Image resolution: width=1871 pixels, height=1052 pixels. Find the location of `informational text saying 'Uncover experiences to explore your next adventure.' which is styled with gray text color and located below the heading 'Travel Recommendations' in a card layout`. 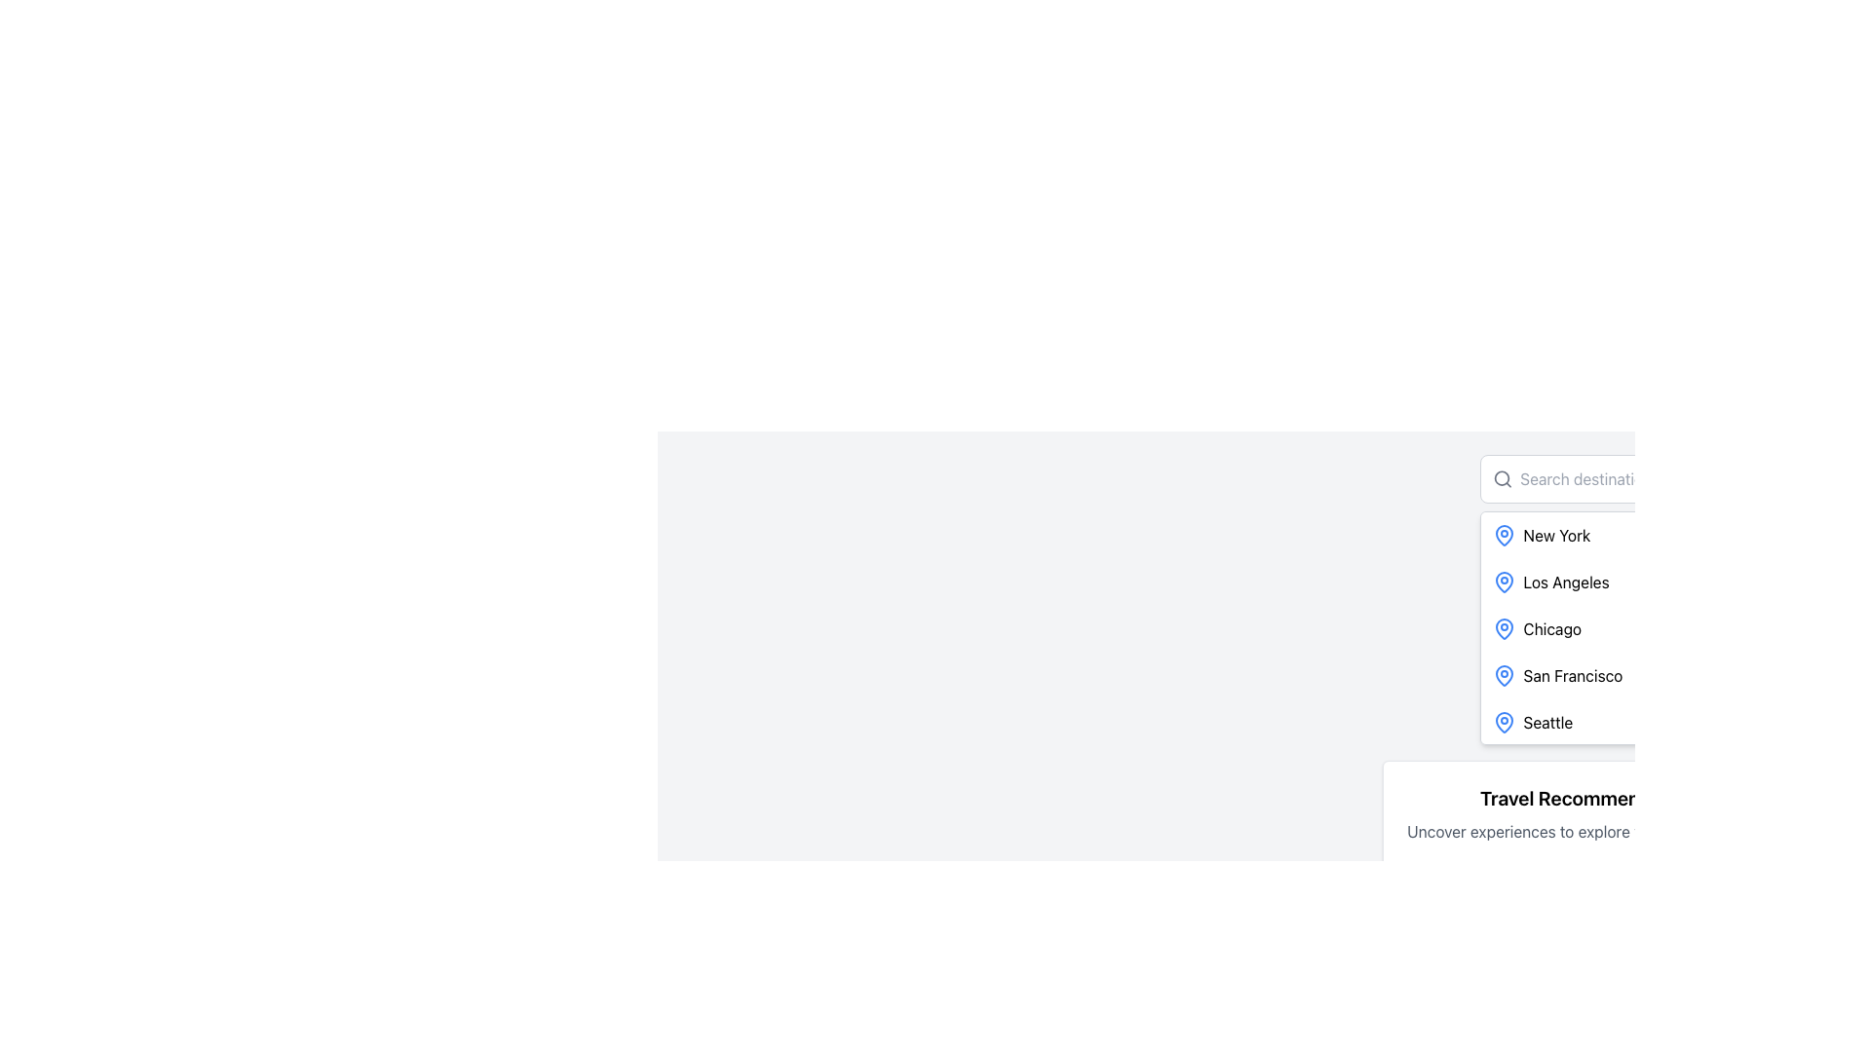

informational text saying 'Uncover experiences to explore your next adventure.' which is styled with gray text color and located below the heading 'Travel Recommendations' in a card layout is located at coordinates (1593, 831).